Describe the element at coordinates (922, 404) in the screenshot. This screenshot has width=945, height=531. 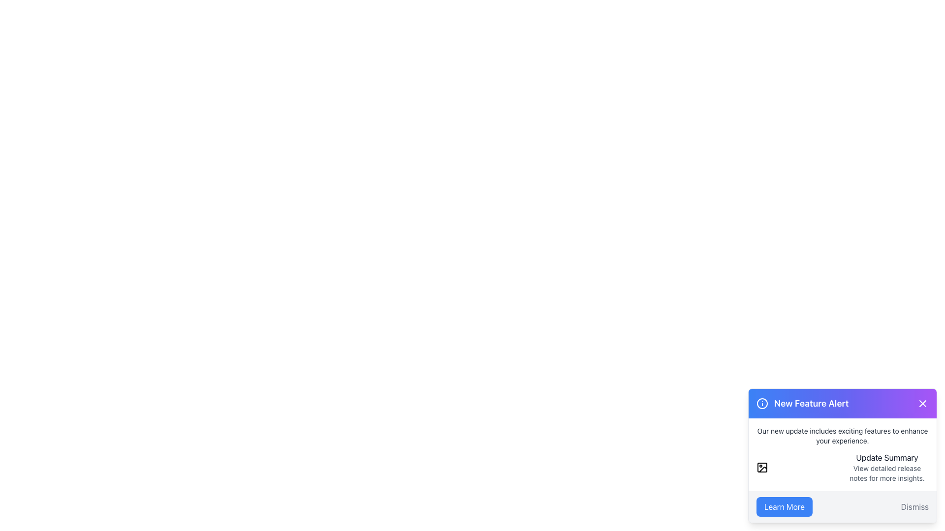
I see `the close button located in the top-right corner of the notification card` at that location.